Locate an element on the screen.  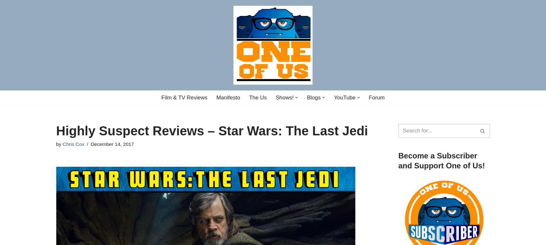
'Infestation Videos' is located at coordinates (333, 109).